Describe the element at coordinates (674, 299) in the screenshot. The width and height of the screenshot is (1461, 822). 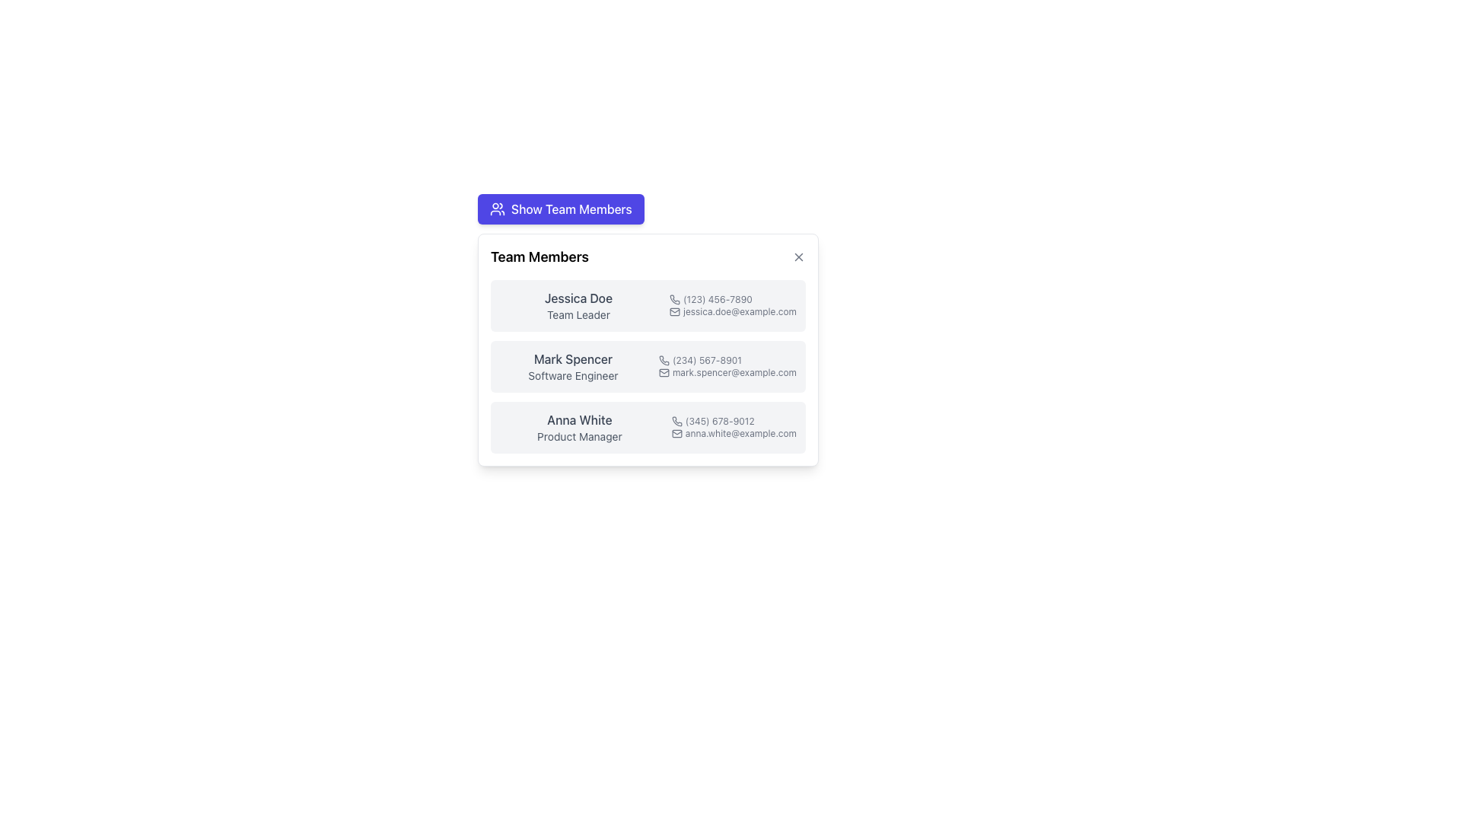
I see `the telephone icon that visually represents a phone-related feature, located next to the phone number '(123) 456-7890' for 'Jessica Doe'` at that location.